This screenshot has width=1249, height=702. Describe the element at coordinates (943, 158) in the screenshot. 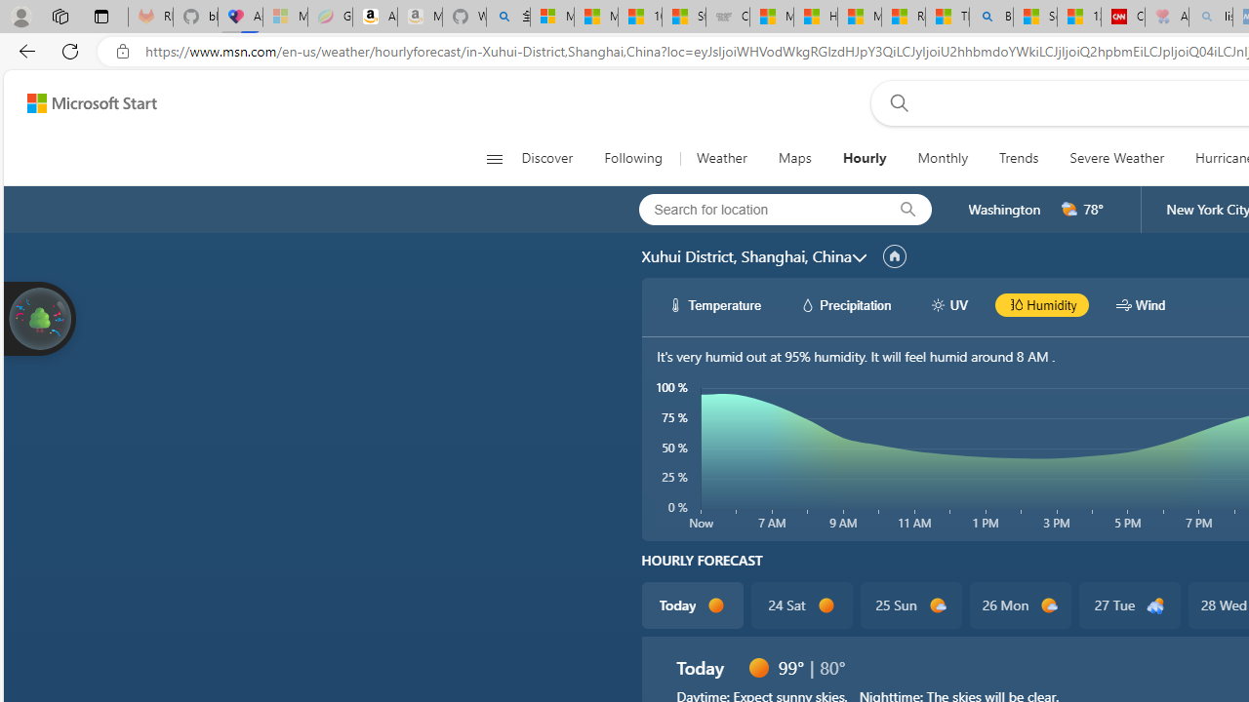

I see `'Monthly'` at that location.